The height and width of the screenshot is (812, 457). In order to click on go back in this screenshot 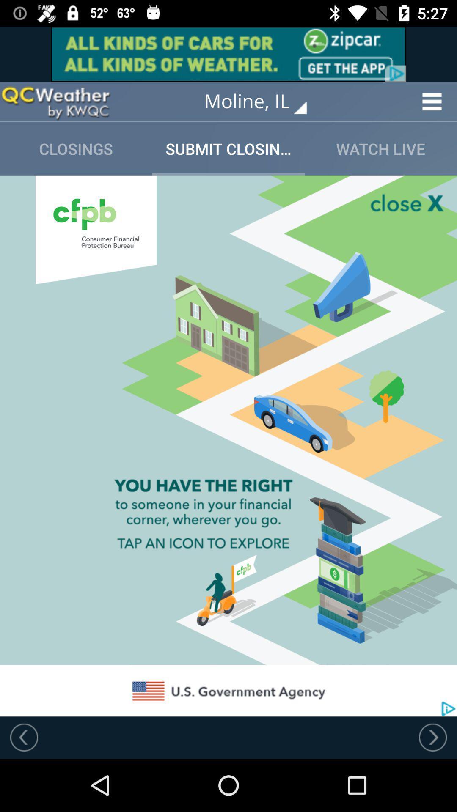, I will do `click(24, 737)`.